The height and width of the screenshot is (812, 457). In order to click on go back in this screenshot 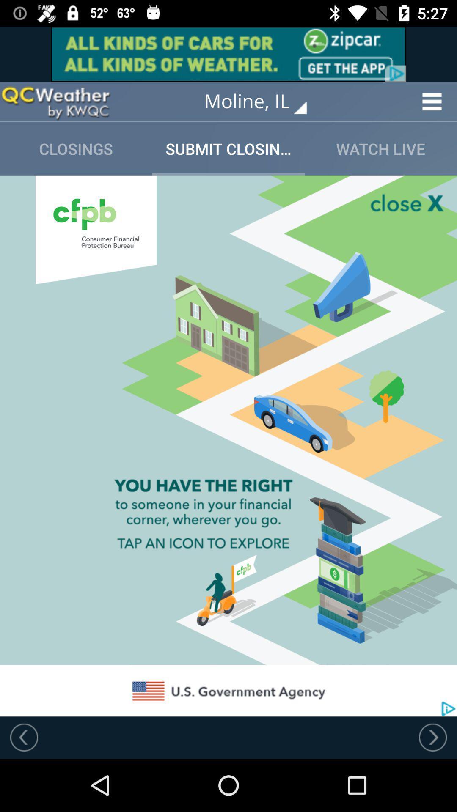, I will do `click(24, 737)`.